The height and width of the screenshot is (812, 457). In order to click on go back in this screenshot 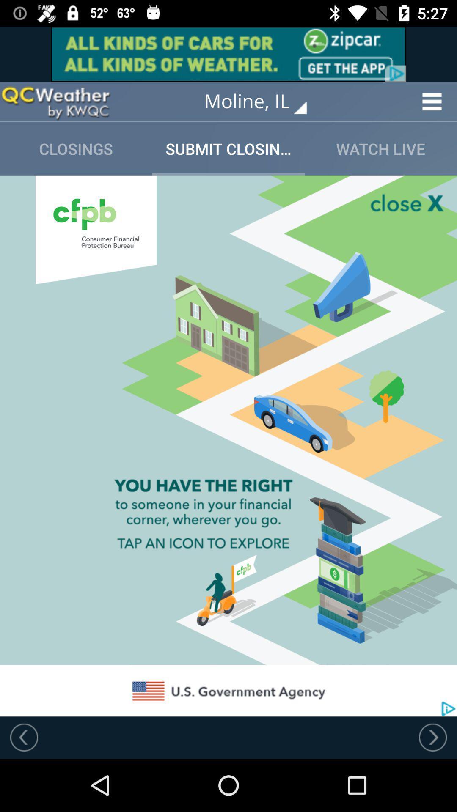, I will do `click(24, 737)`.